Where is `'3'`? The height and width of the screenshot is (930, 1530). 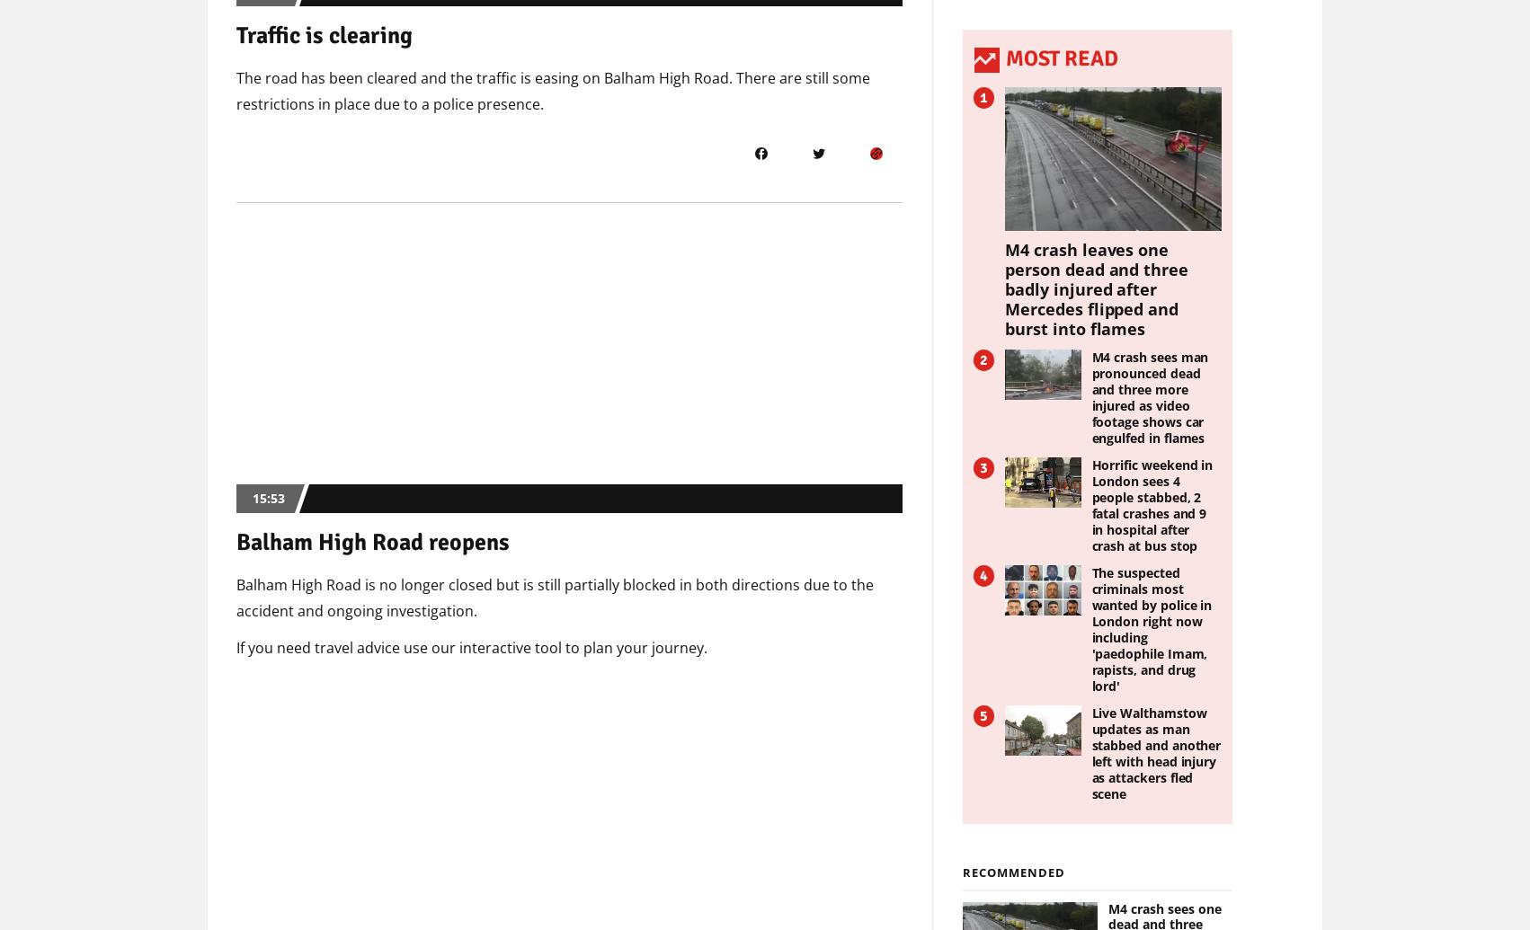
'3' is located at coordinates (977, 465).